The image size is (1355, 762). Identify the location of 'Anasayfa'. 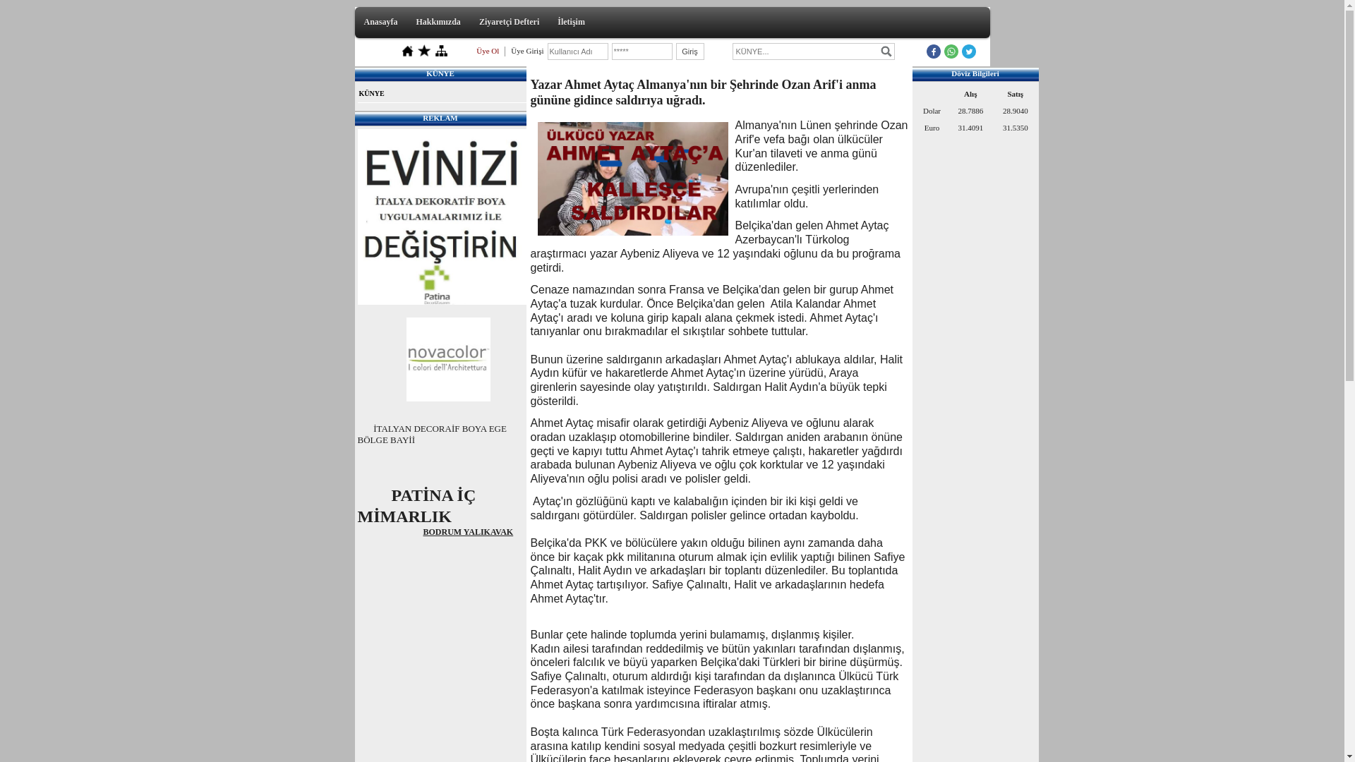
(380, 21).